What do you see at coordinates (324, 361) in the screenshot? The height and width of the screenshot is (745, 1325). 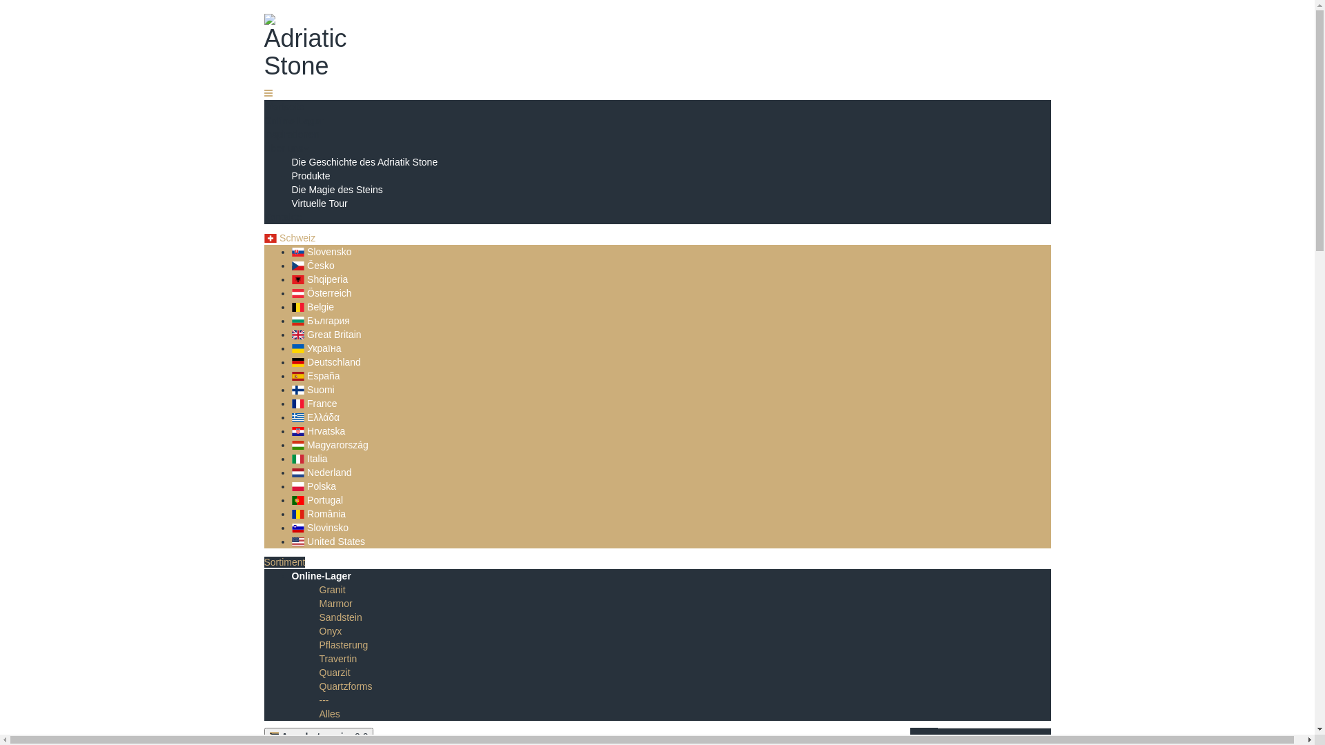 I see `' Deutschland'` at bounding box center [324, 361].